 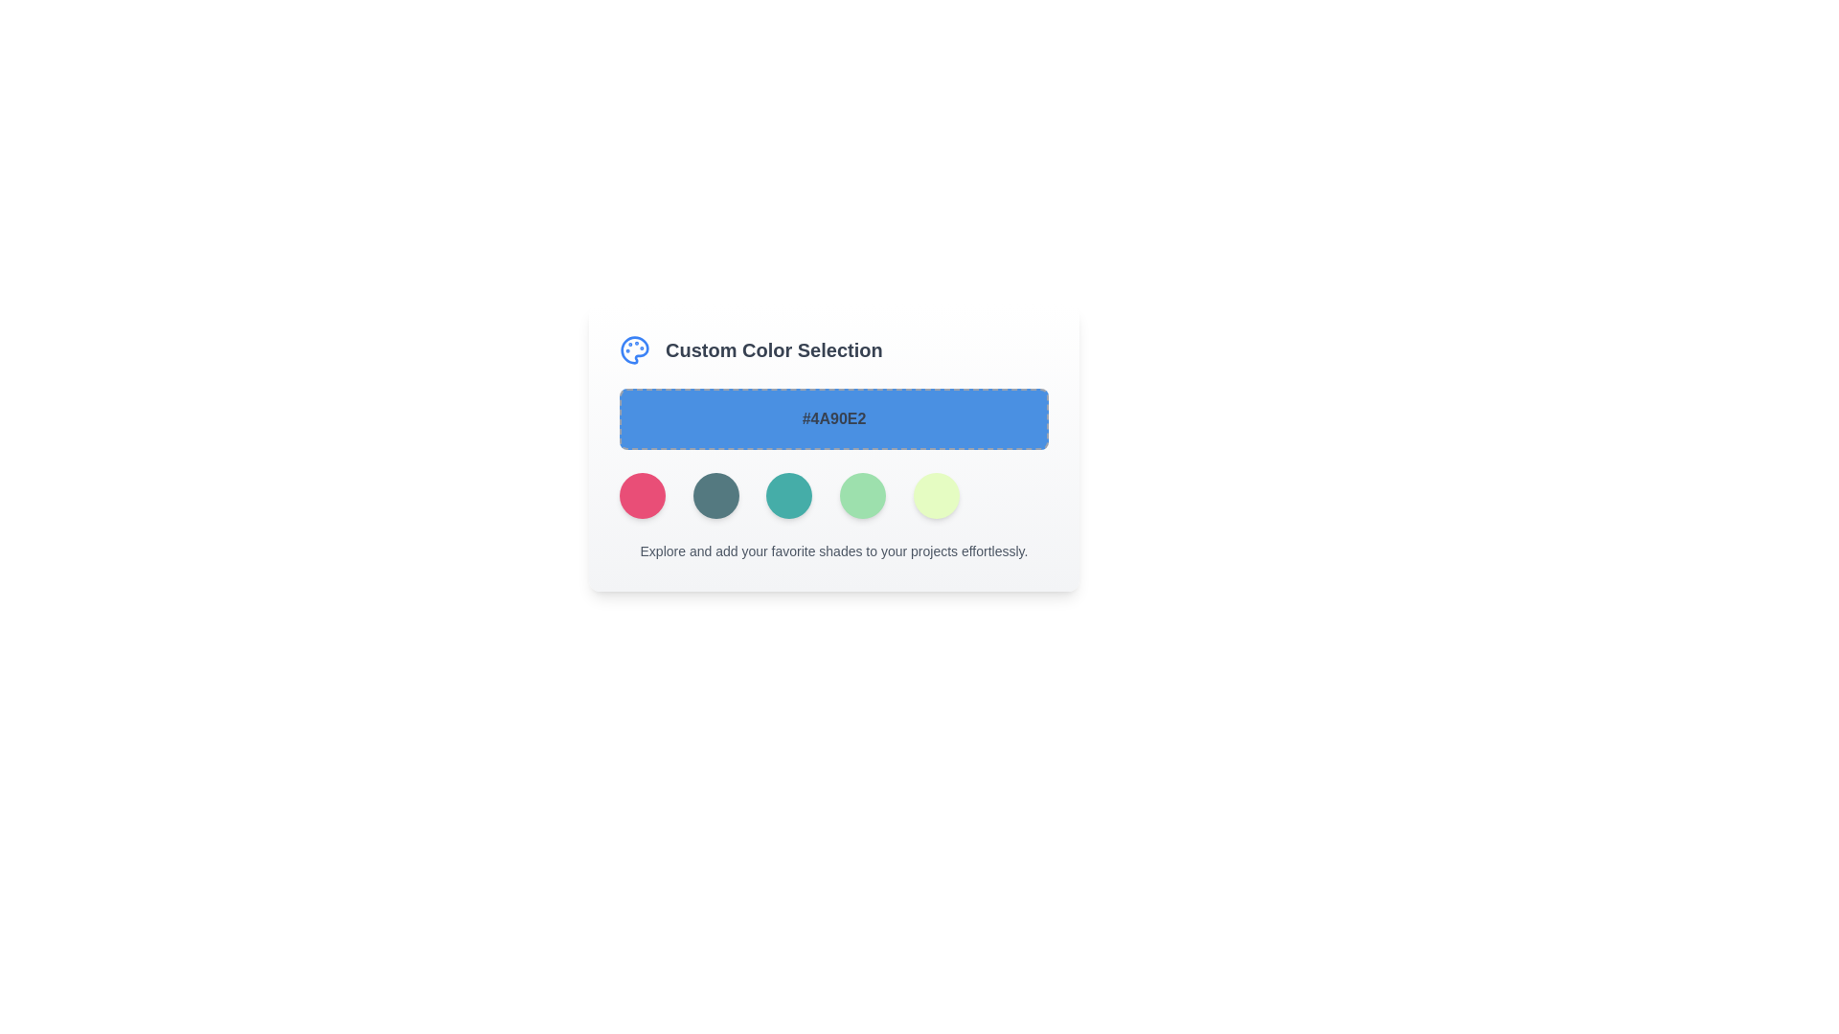 I want to click on the blue color display box with the hexadecimal code '#4A90E2', located beneath the title 'Custom Color Selection', so click(x=833, y=418).